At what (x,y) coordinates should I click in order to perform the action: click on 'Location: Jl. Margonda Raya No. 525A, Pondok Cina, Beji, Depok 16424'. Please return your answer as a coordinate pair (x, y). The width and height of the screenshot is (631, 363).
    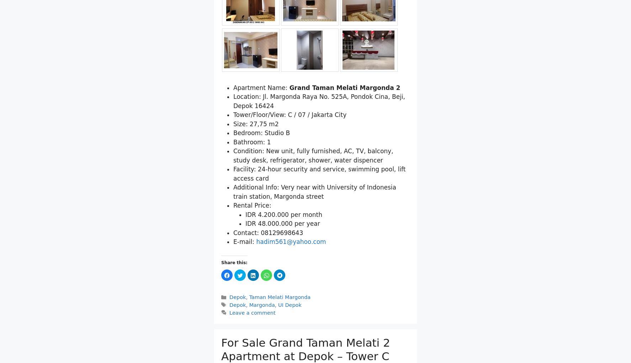
    Looking at the image, I should click on (319, 101).